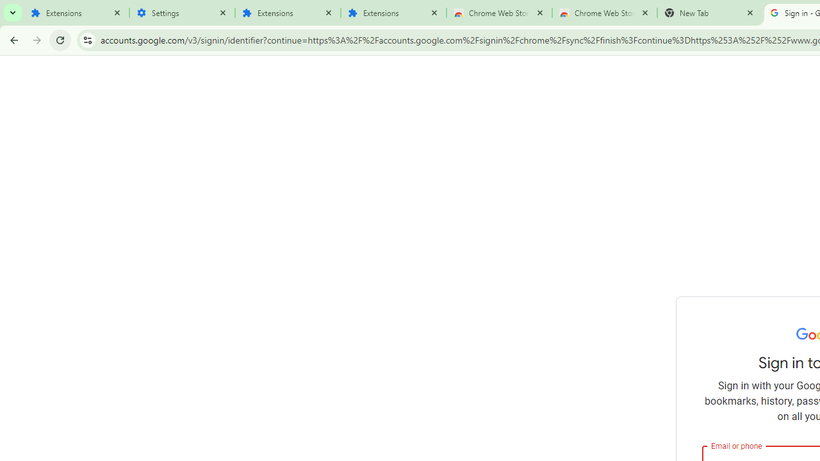 The height and width of the screenshot is (461, 820). What do you see at coordinates (37, 39) in the screenshot?
I see `'Forward'` at bounding box center [37, 39].